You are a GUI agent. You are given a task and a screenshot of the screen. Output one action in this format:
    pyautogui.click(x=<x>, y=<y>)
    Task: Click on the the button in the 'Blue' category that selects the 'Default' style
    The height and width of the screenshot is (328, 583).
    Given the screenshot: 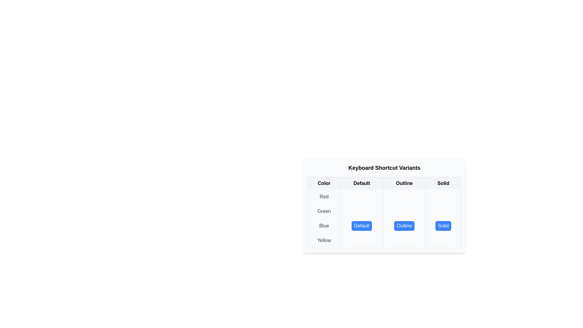 What is the action you would take?
    pyautogui.click(x=362, y=226)
    